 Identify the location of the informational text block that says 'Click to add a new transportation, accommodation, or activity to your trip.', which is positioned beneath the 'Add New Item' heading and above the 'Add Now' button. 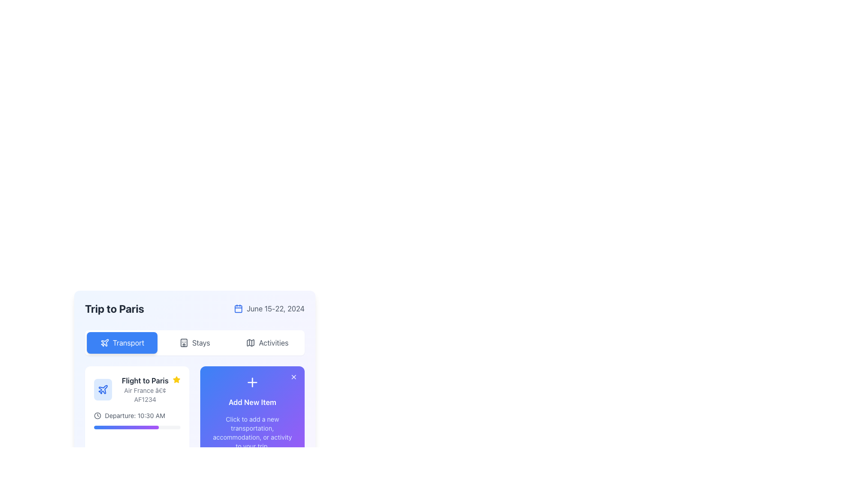
(252, 432).